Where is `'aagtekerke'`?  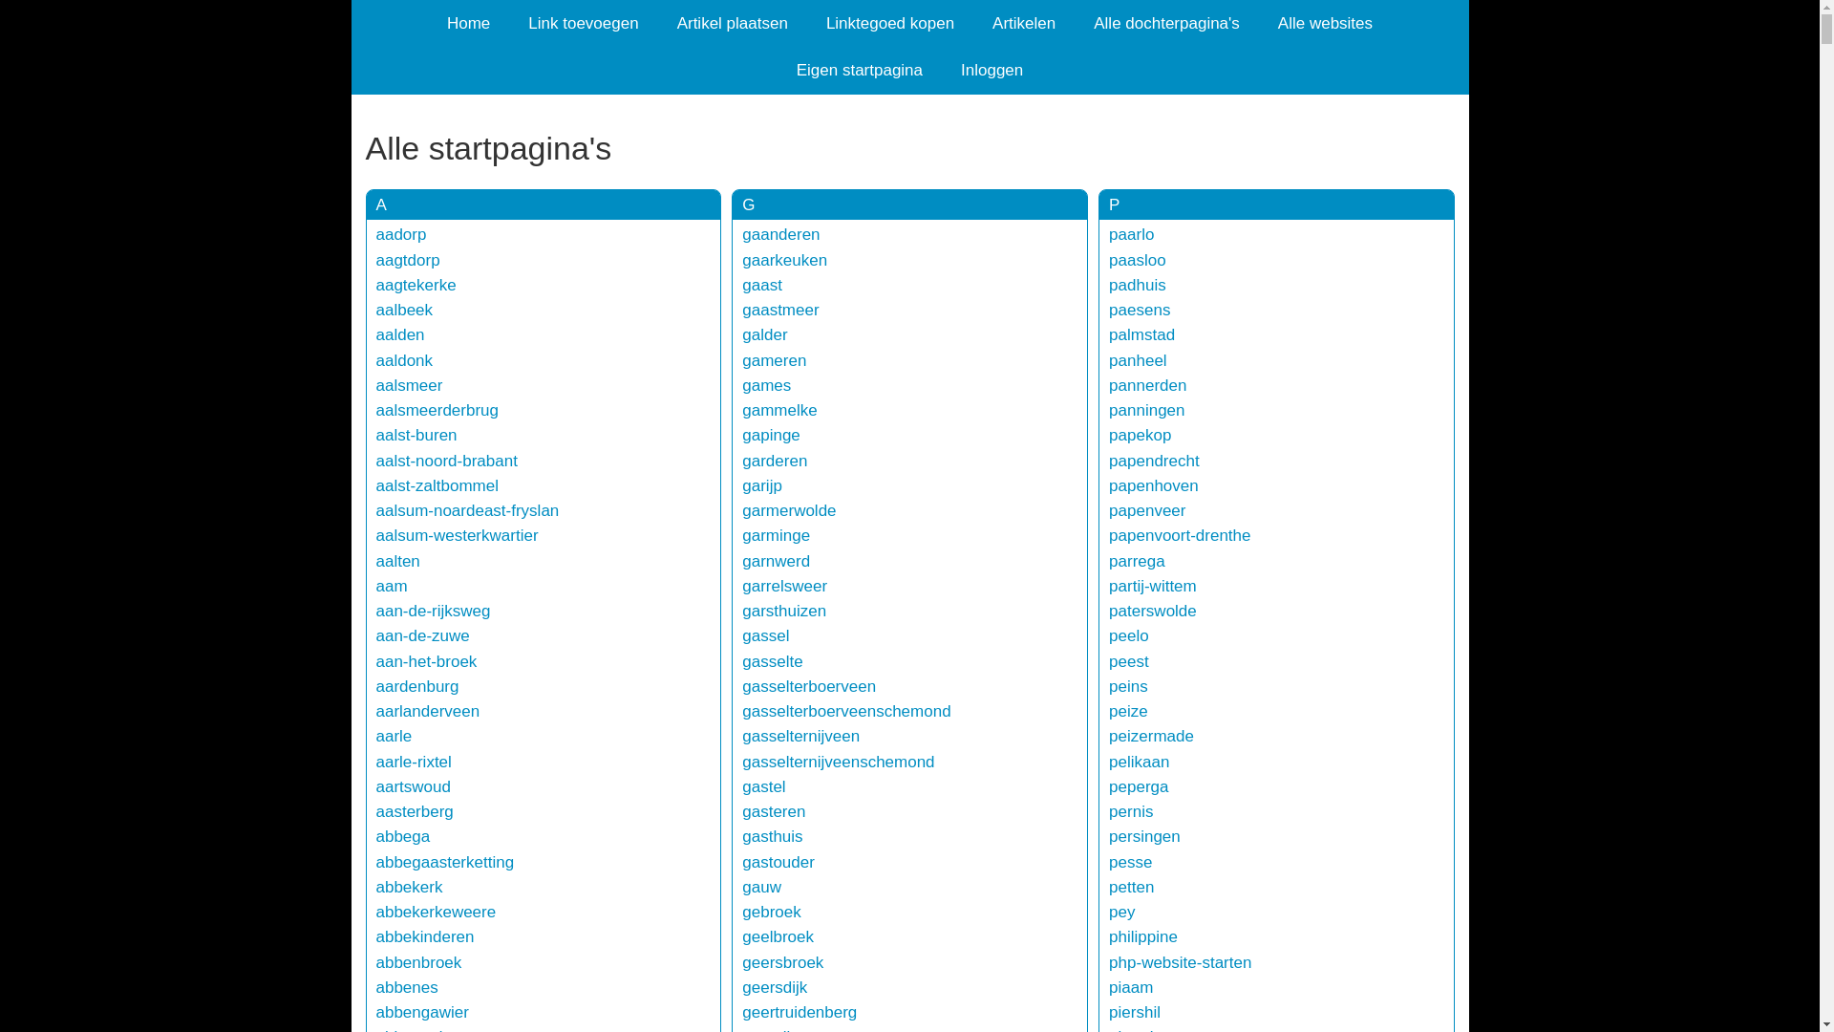 'aagtekerke' is located at coordinates (375, 285).